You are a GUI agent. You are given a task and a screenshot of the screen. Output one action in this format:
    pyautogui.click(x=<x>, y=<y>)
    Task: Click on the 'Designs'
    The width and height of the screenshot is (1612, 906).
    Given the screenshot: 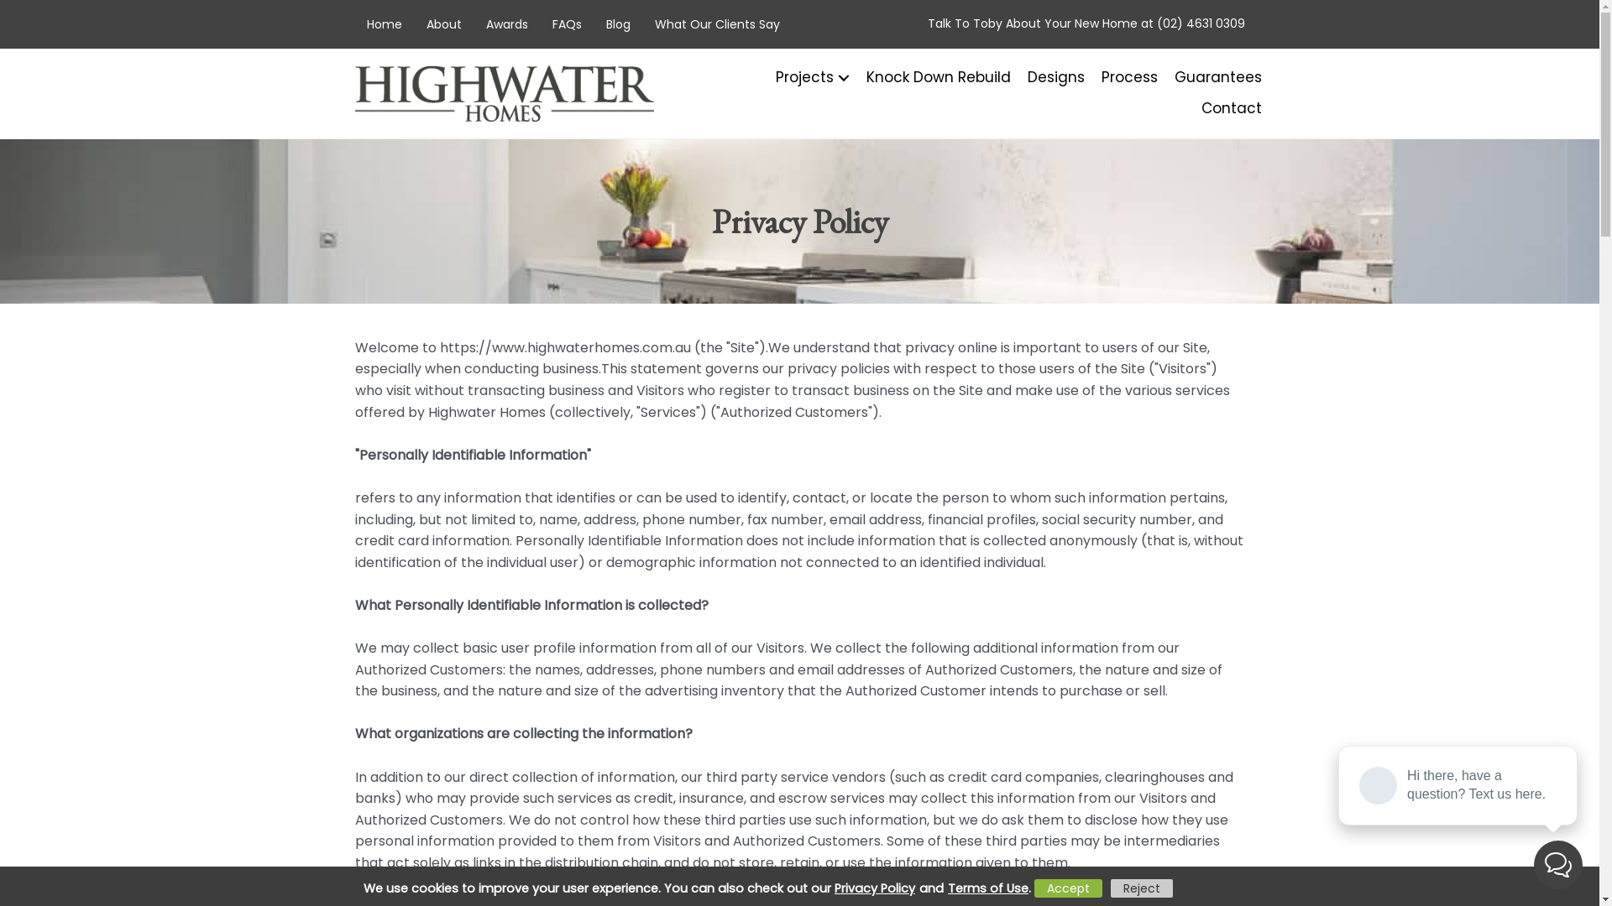 What is the action you would take?
    pyautogui.click(x=1046, y=77)
    